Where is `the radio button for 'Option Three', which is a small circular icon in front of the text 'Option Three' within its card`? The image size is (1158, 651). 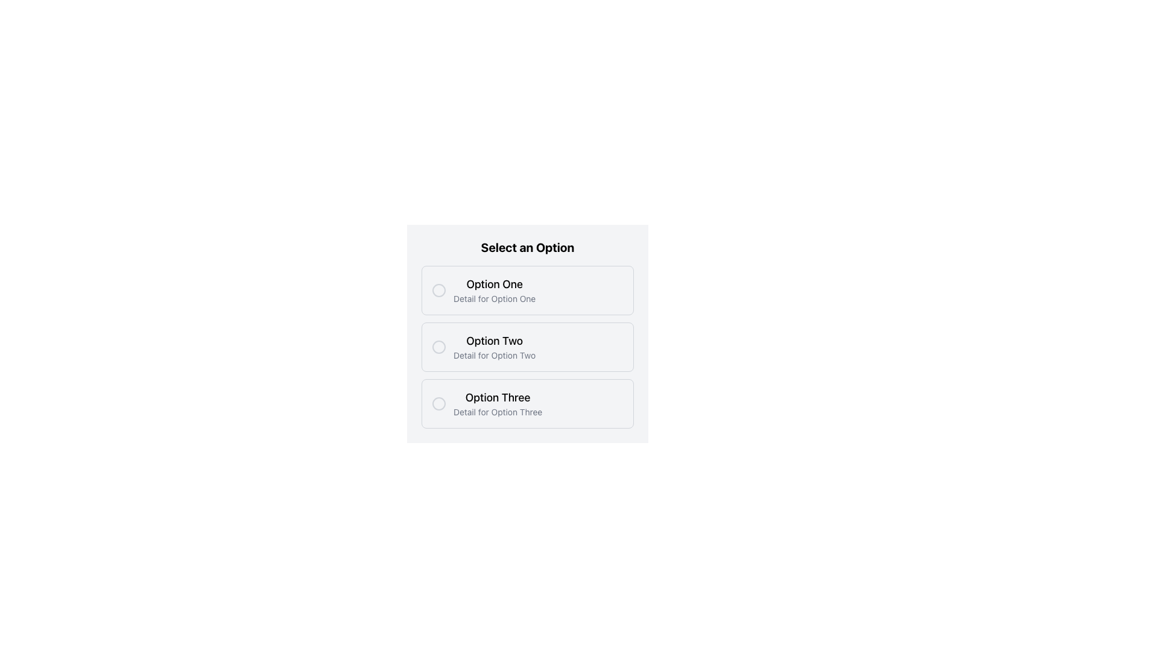
the radio button for 'Option Three', which is a small circular icon in front of the text 'Option Three' within its card is located at coordinates (438, 404).